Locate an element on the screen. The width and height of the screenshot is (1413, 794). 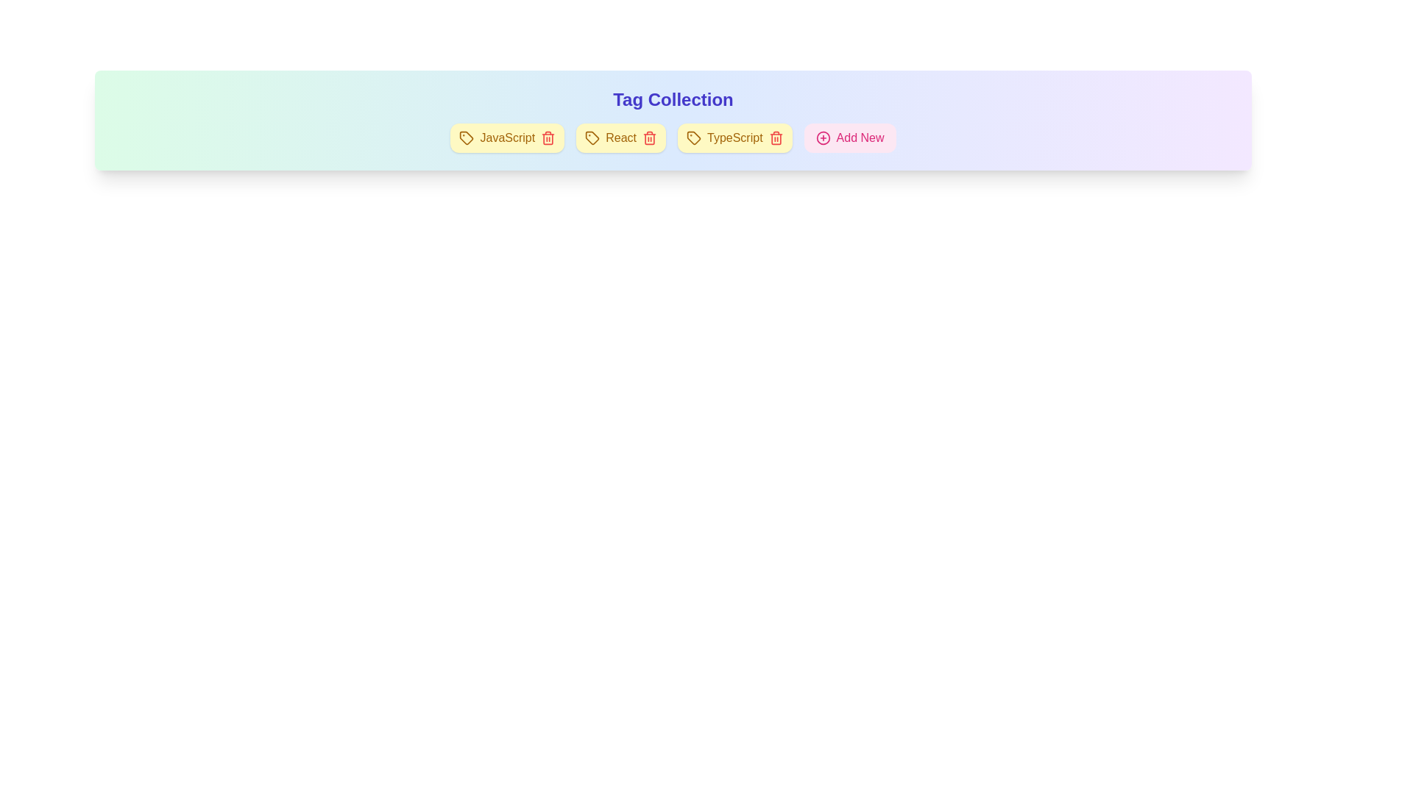
the delete icon button associated with the 'React' tag in the tag collection interface is located at coordinates (649, 138).